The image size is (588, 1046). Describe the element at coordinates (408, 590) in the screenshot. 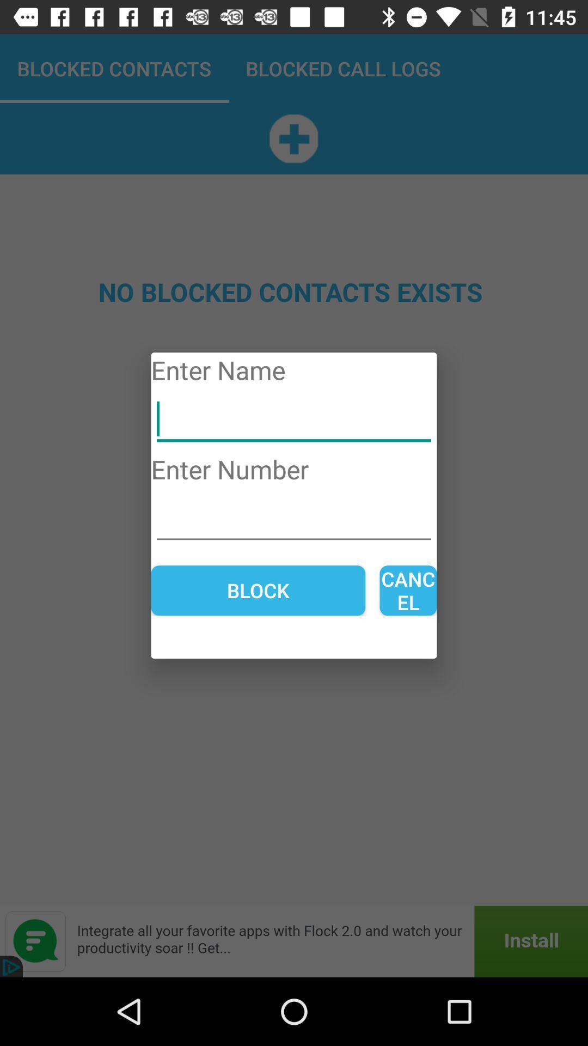

I see `cancel item` at that location.